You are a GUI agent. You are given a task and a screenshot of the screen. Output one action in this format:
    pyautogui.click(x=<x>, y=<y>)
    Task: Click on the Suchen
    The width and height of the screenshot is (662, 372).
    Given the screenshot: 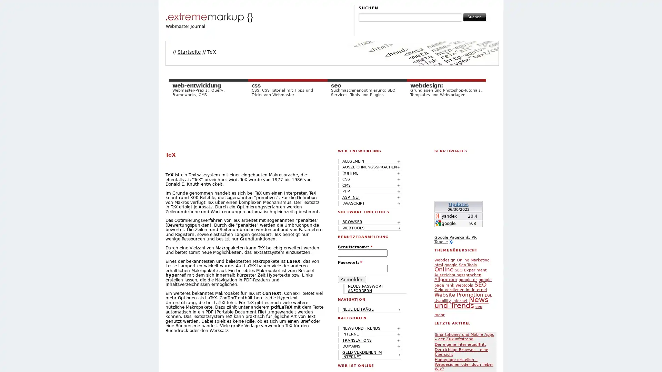 What is the action you would take?
    pyautogui.click(x=474, y=17)
    